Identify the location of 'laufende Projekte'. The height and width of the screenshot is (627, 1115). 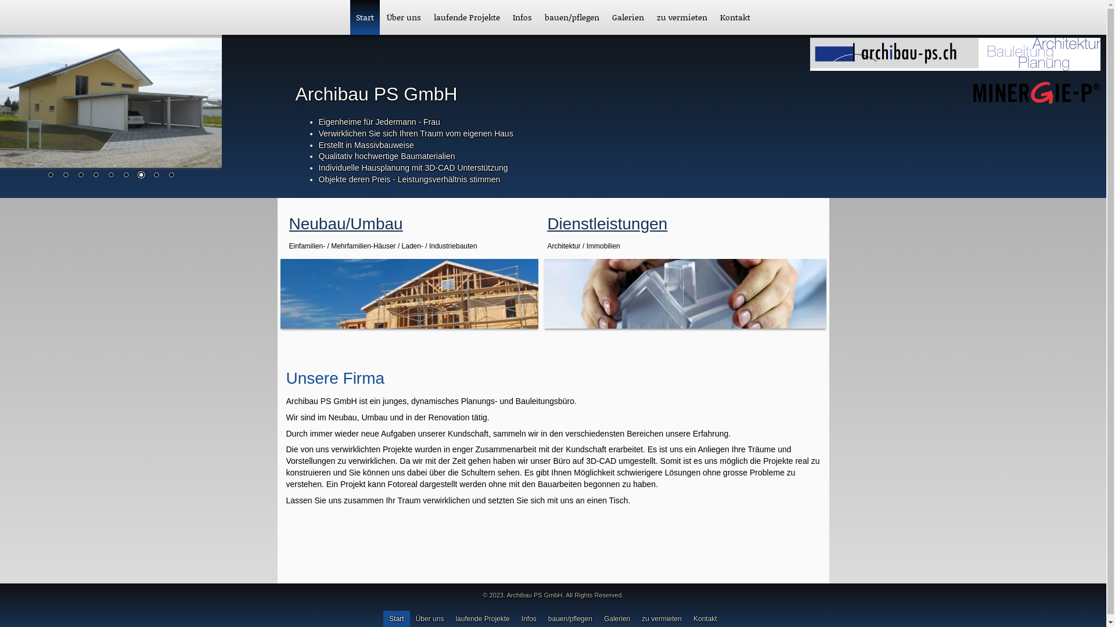
(467, 17).